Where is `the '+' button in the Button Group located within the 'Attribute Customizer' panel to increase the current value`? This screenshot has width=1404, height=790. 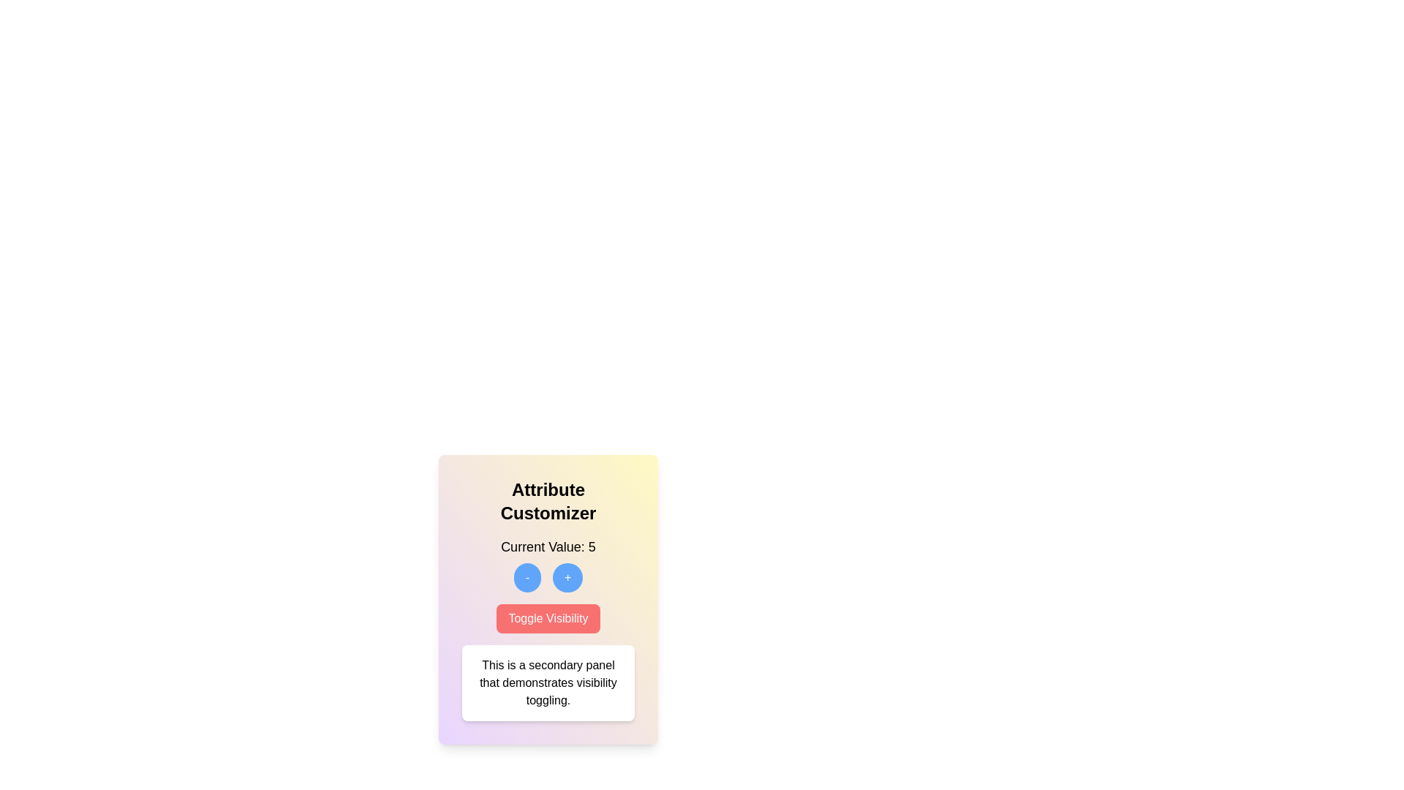 the '+' button in the Button Group located within the 'Attribute Customizer' panel to increase the current value is located at coordinates (547, 577).